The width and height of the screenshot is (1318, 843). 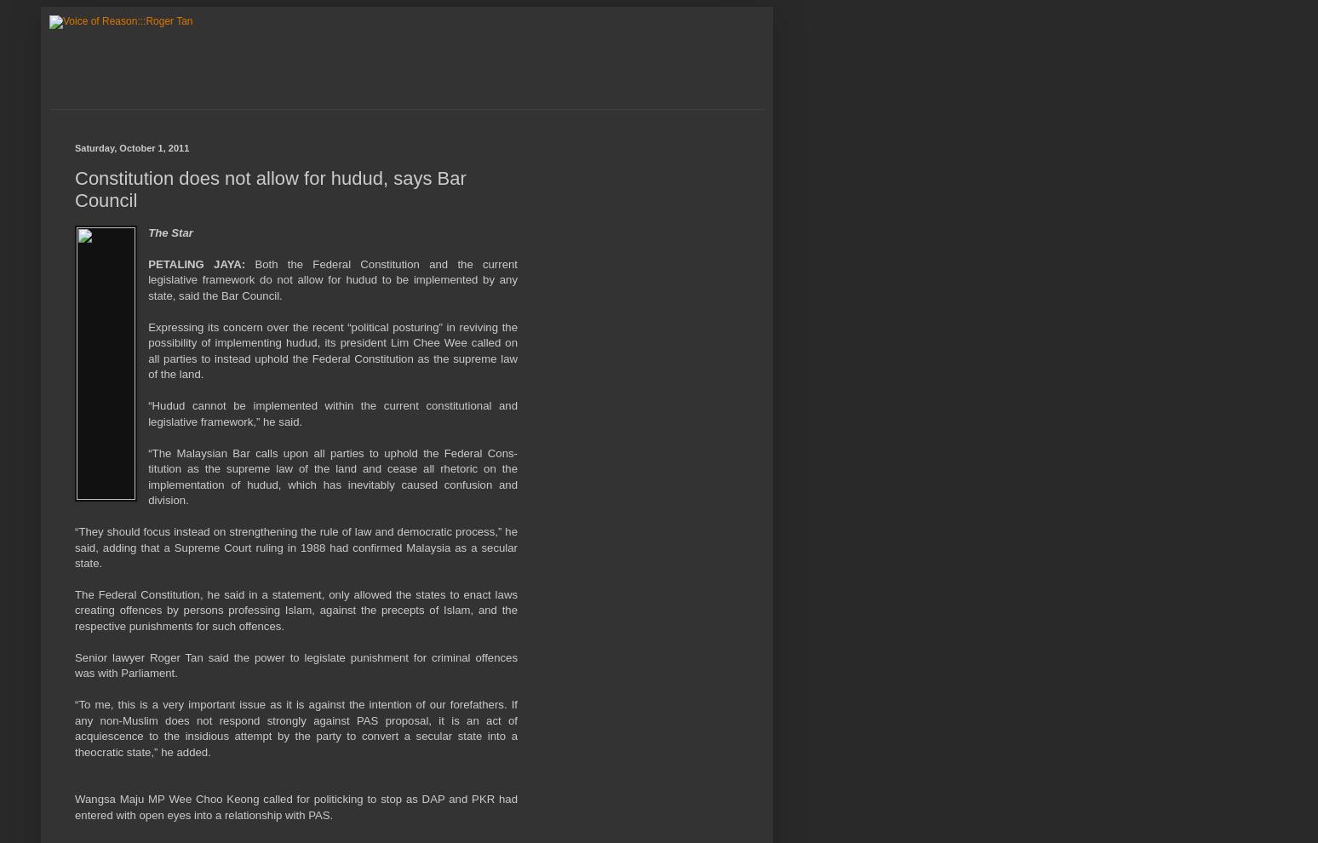 What do you see at coordinates (147, 349) in the screenshot?
I see `'Expressing its concern over the recent “political posturing” in reviving the possibility of implementing hudud, its president Lim Chee Wee called on all parties to instead uphold the Federal Constitution as the supreme law of the land.'` at bounding box center [147, 349].